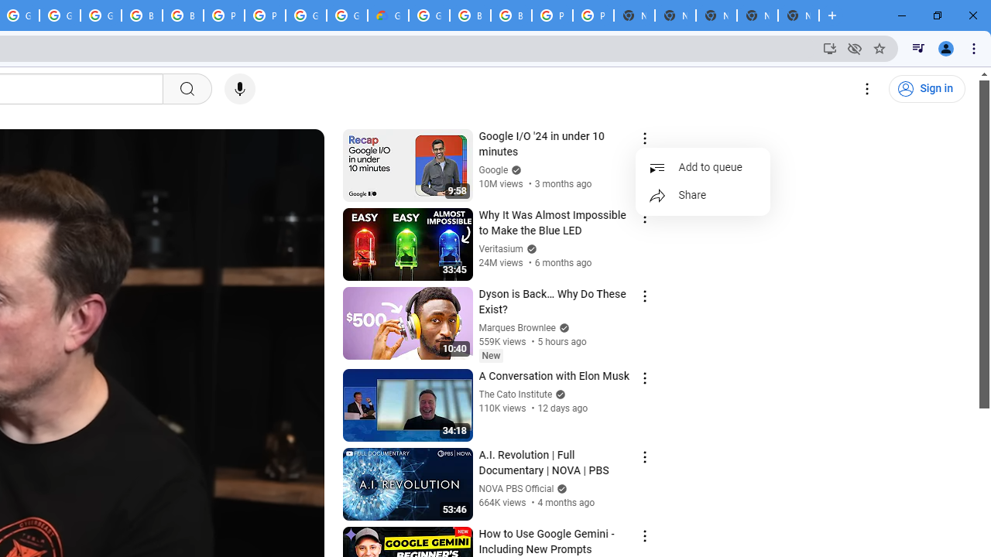 The height and width of the screenshot is (557, 991). Describe the element at coordinates (306, 15) in the screenshot. I see `'Google Cloud Platform'` at that location.